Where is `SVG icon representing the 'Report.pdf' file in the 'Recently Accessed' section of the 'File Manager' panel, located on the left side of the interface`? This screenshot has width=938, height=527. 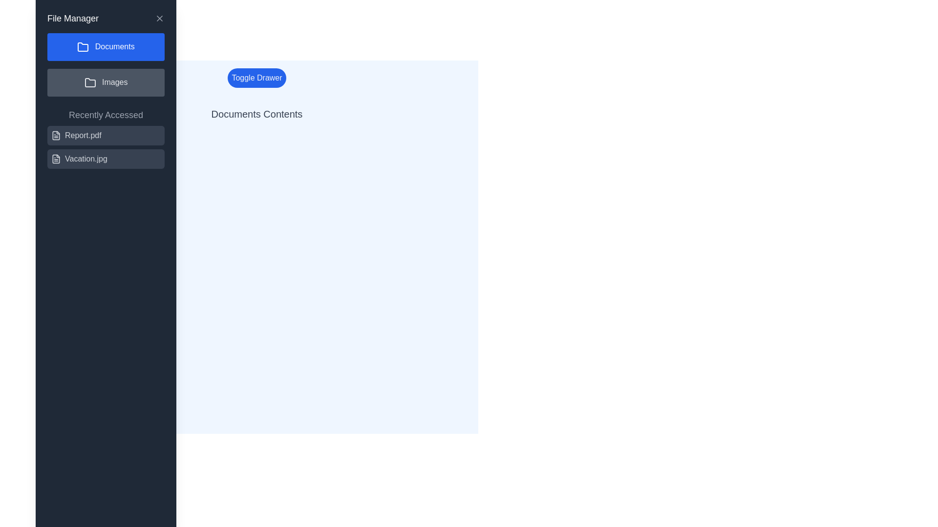 SVG icon representing the 'Report.pdf' file in the 'Recently Accessed' section of the 'File Manager' panel, located on the left side of the interface is located at coordinates (56, 135).